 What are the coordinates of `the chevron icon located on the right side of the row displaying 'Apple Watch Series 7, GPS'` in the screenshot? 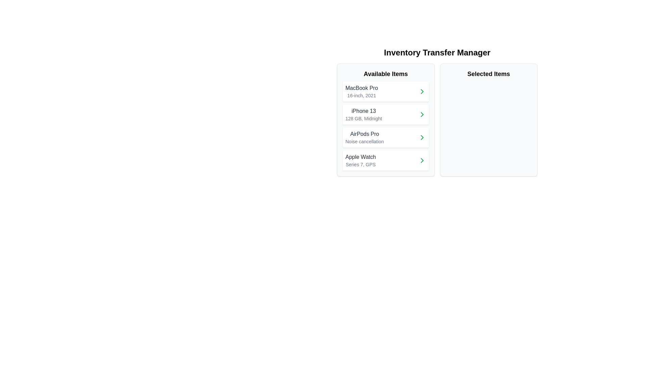 It's located at (422, 160).